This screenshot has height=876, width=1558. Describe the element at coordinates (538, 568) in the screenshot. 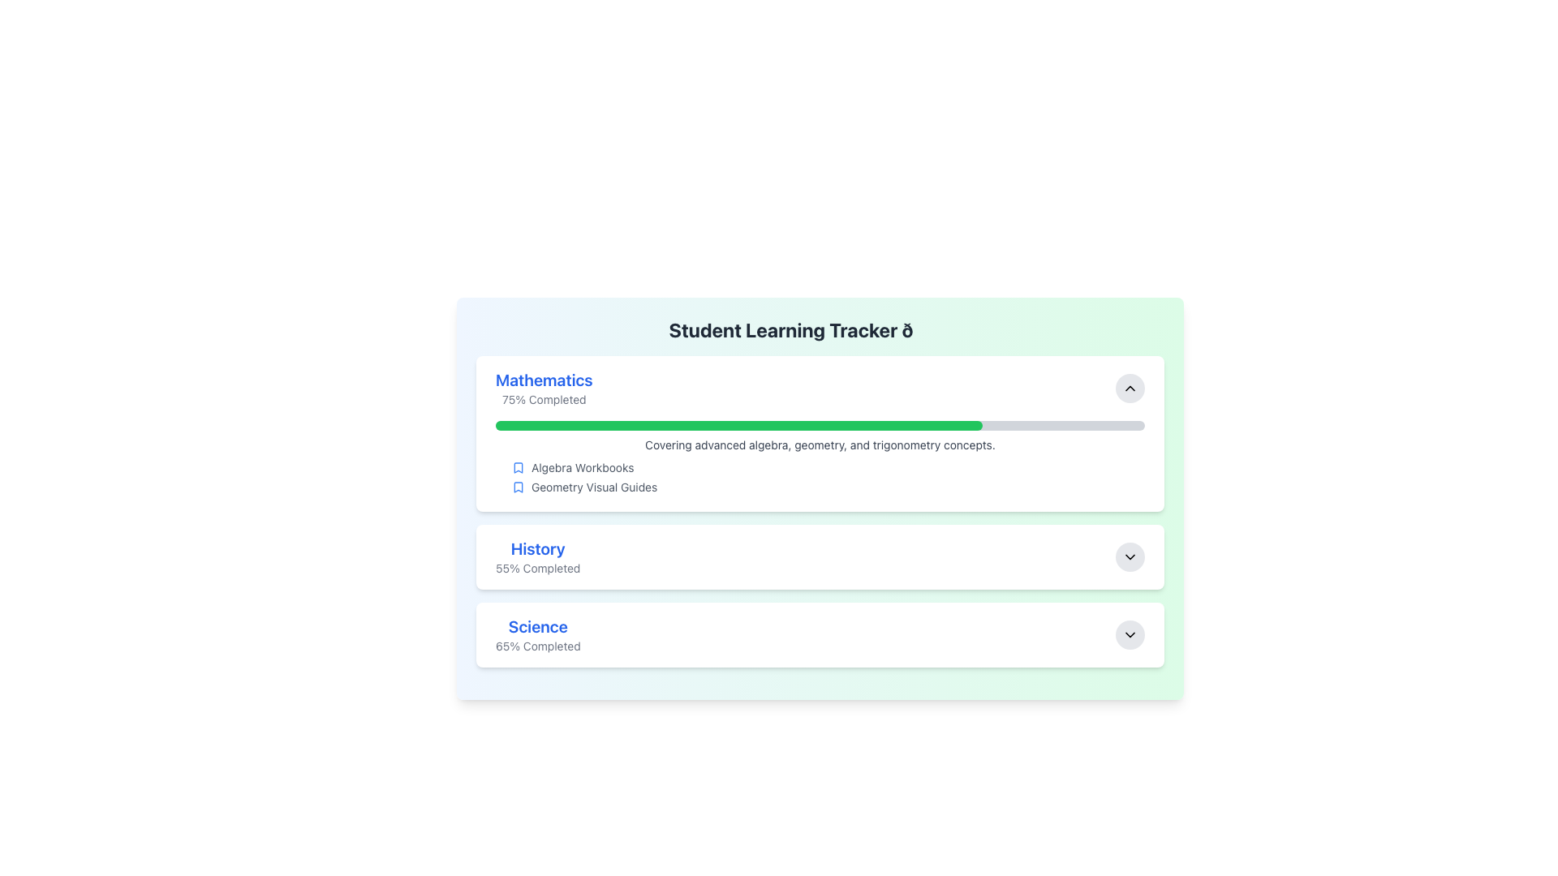

I see `the text label displaying '55% Completed' located below the 'History' heading in the History section of the interface` at that location.